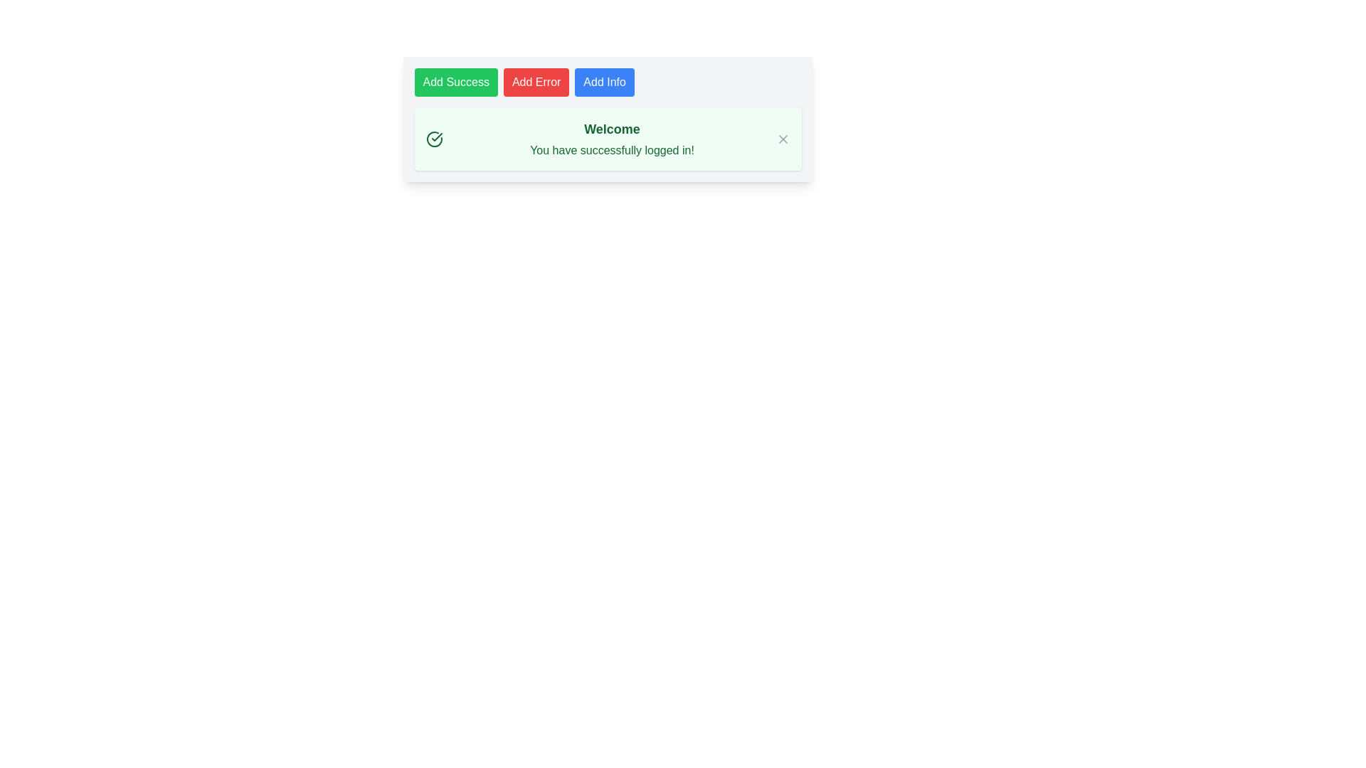  I want to click on the third button labeled 'Add Info' in the top center row, so click(605, 82).